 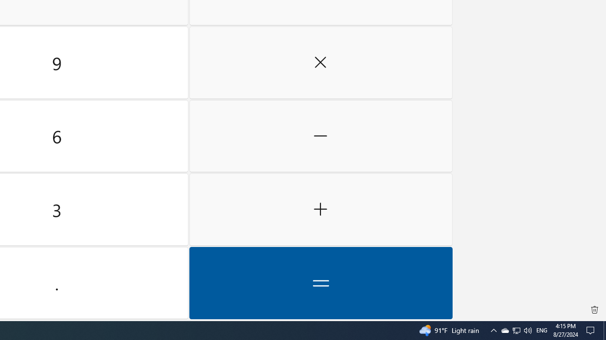 What do you see at coordinates (321, 209) in the screenshot?
I see `'Plus'` at bounding box center [321, 209].